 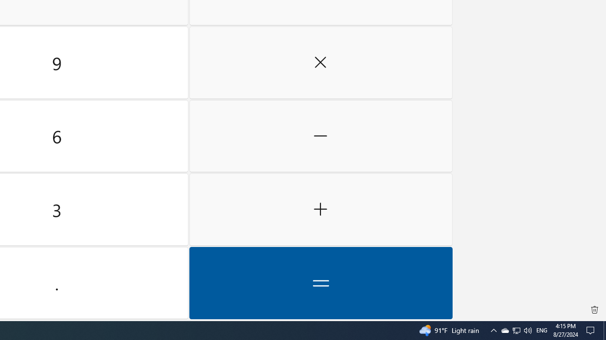 What do you see at coordinates (321, 209) in the screenshot?
I see `'Plus'` at bounding box center [321, 209].